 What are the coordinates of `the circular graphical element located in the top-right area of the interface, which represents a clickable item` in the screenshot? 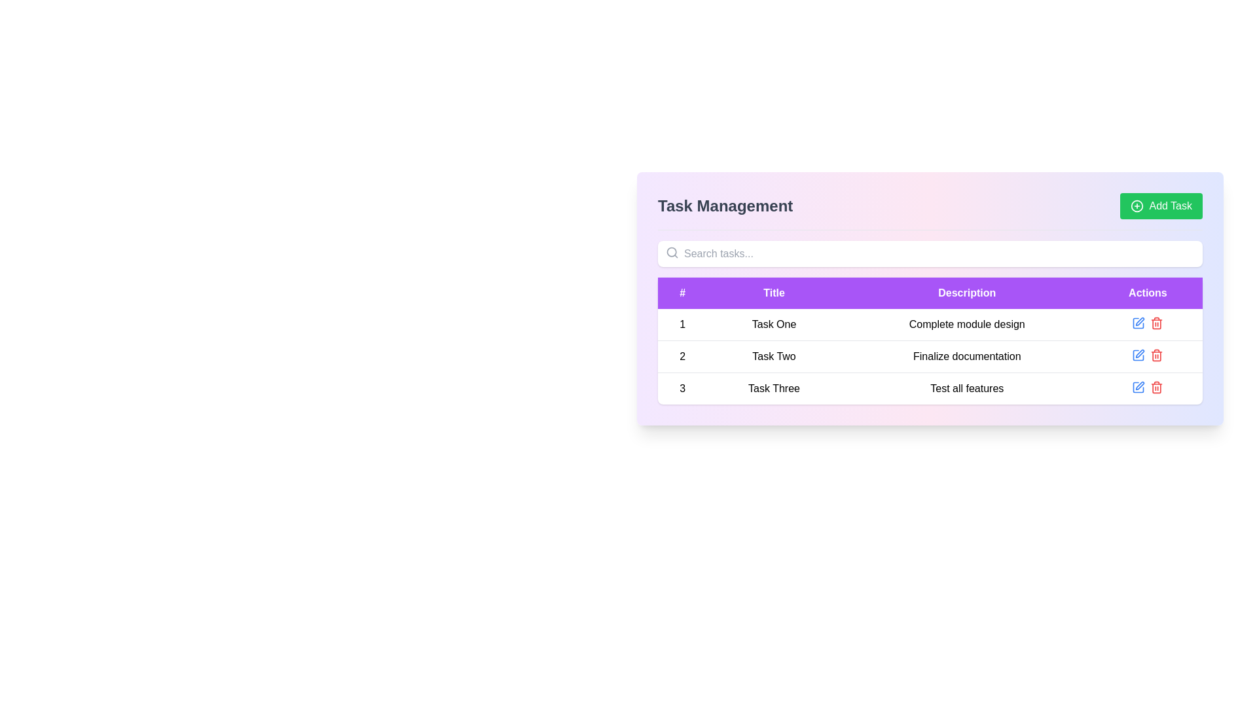 It's located at (1137, 206).